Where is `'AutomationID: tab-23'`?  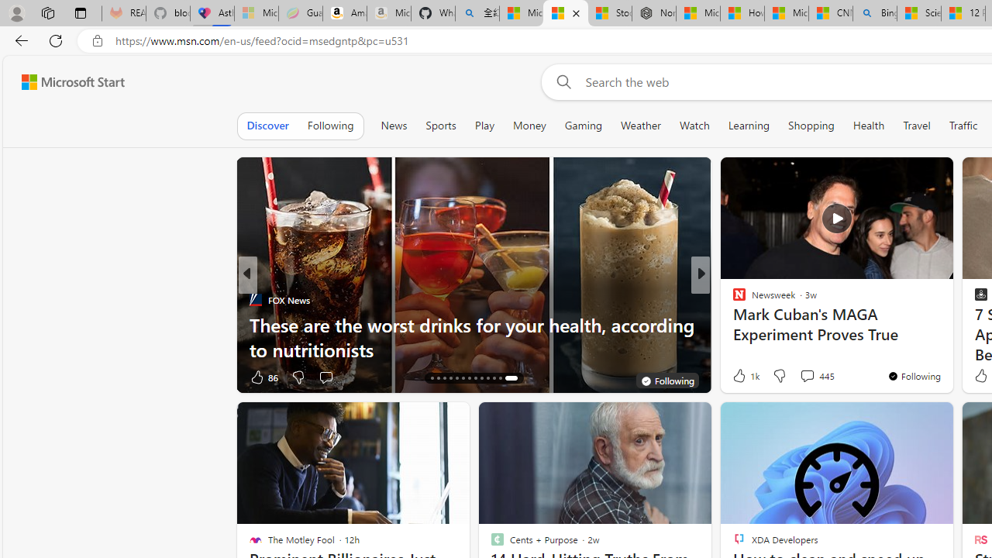
'AutomationID: tab-23' is located at coordinates (487, 378).